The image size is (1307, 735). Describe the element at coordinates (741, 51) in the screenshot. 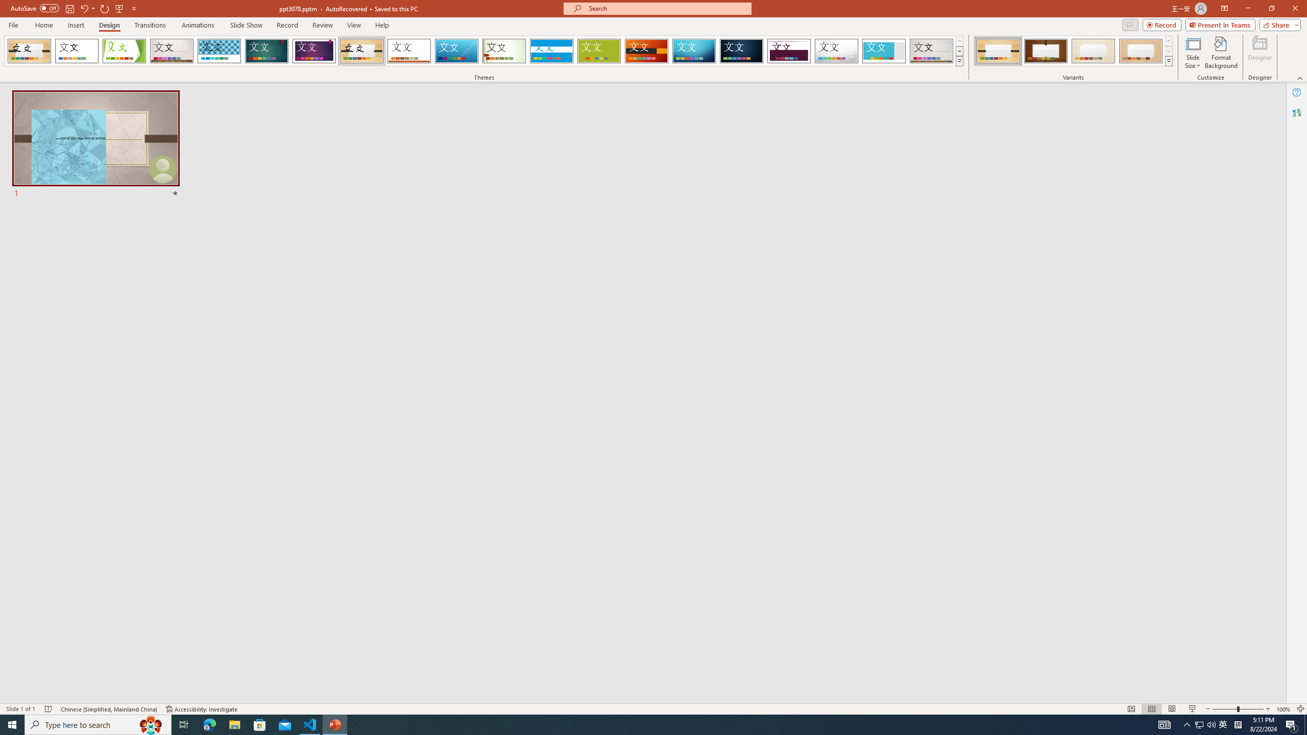

I see `'Damask'` at that location.